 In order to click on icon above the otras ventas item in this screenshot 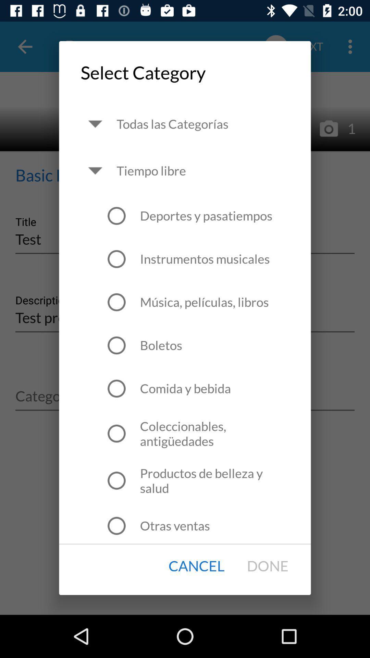, I will do `click(214, 480)`.